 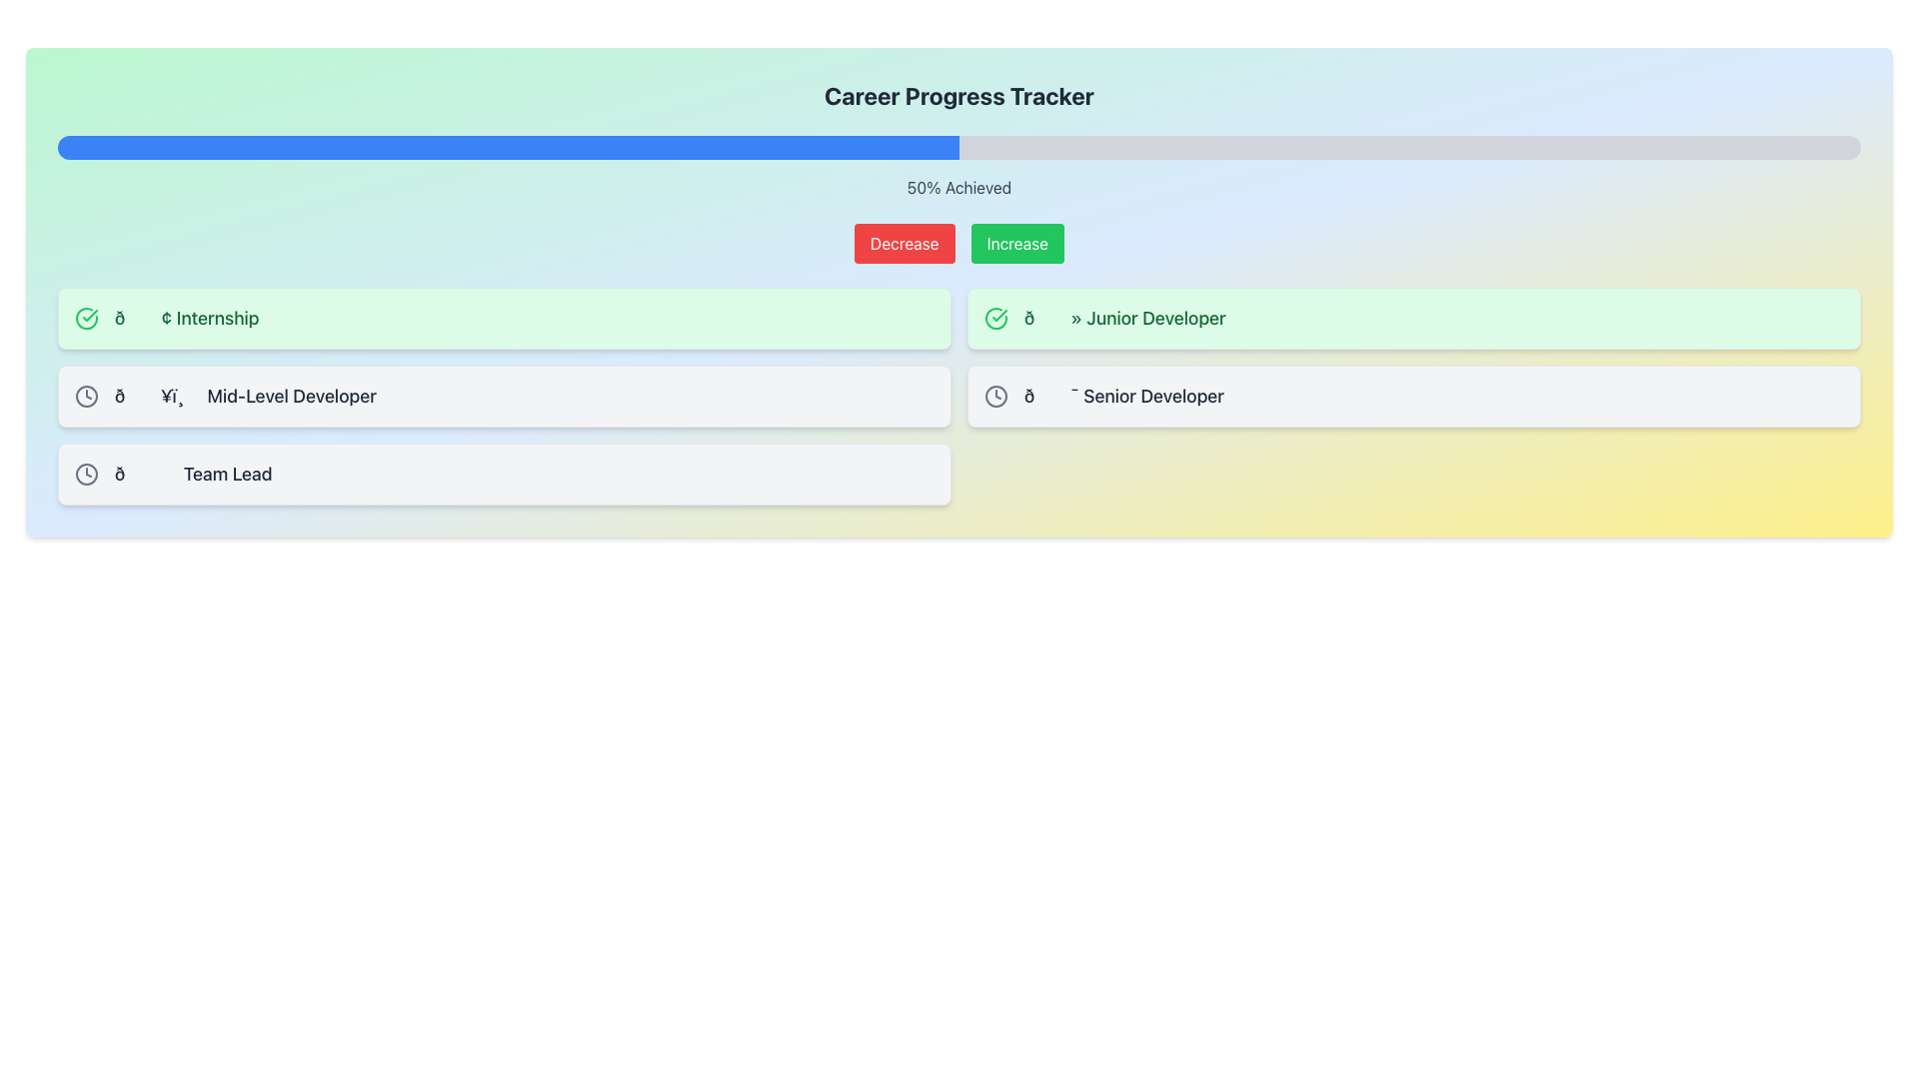 I want to click on the SVG Icon that represents a completed task, located near the 'Junior Developer' label with a green background, so click(x=996, y=318).